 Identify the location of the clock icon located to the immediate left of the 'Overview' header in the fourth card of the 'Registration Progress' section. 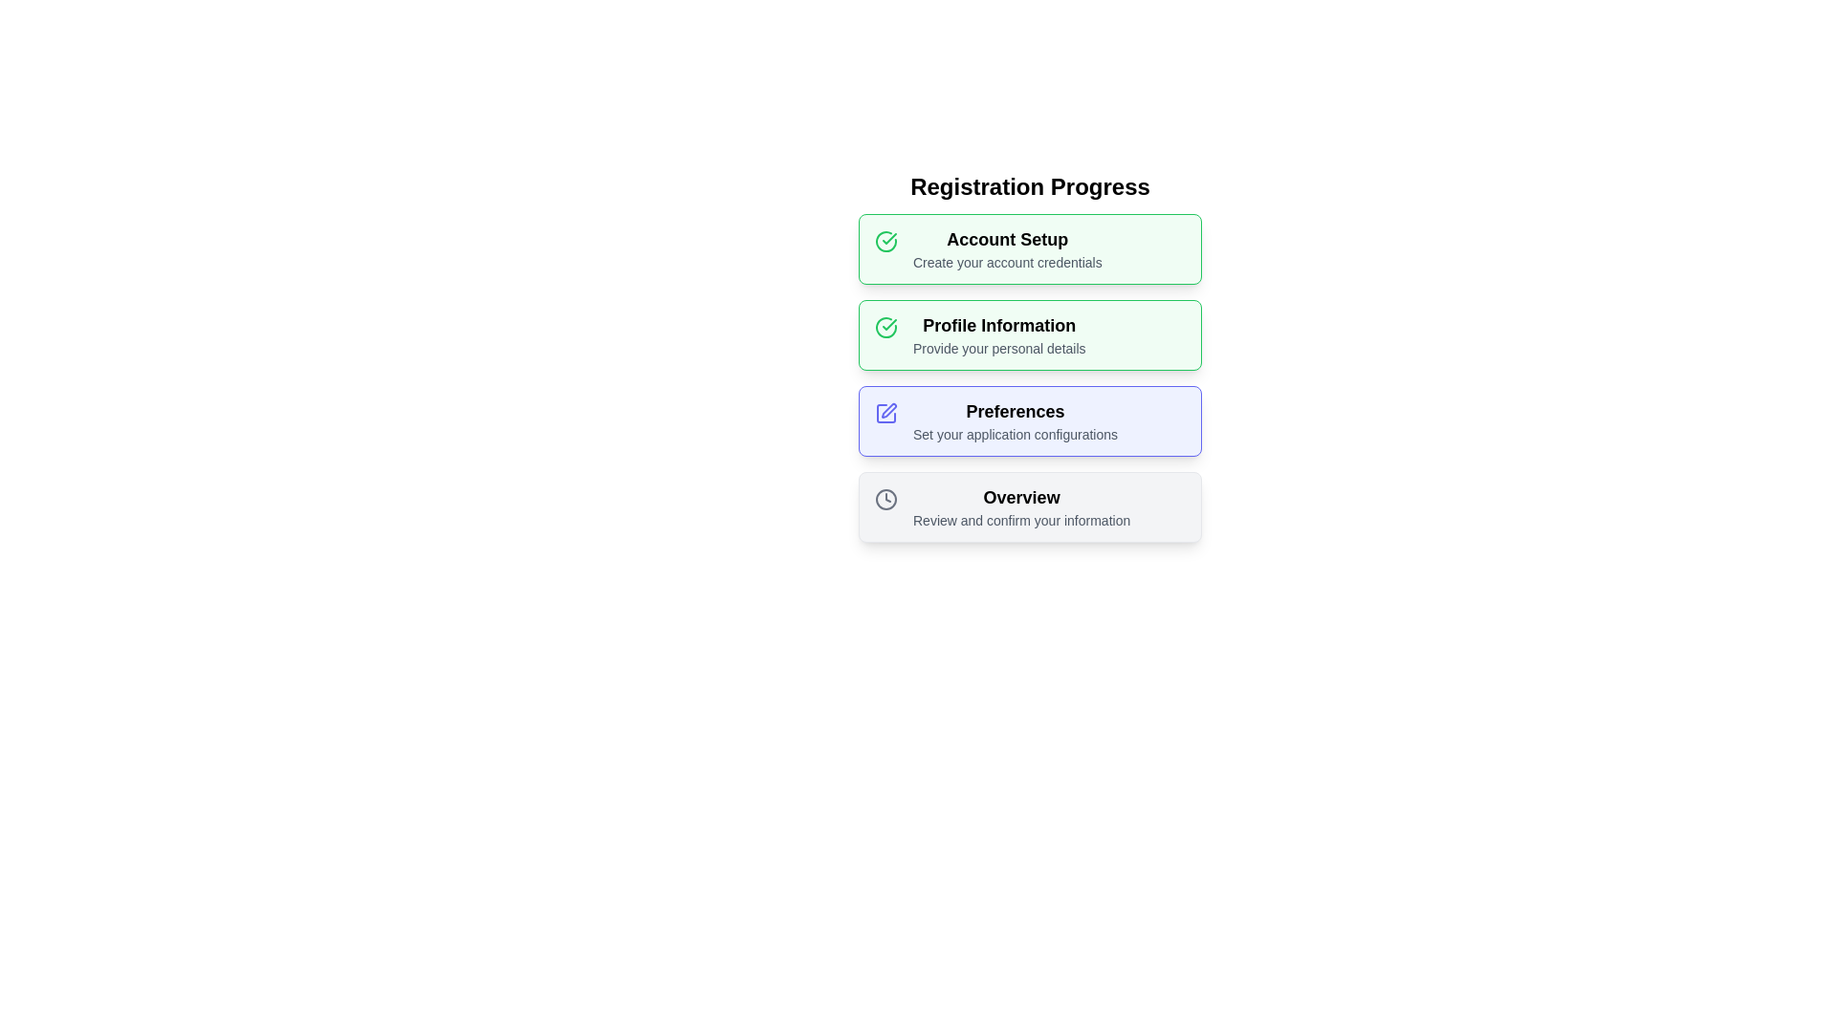
(885, 496).